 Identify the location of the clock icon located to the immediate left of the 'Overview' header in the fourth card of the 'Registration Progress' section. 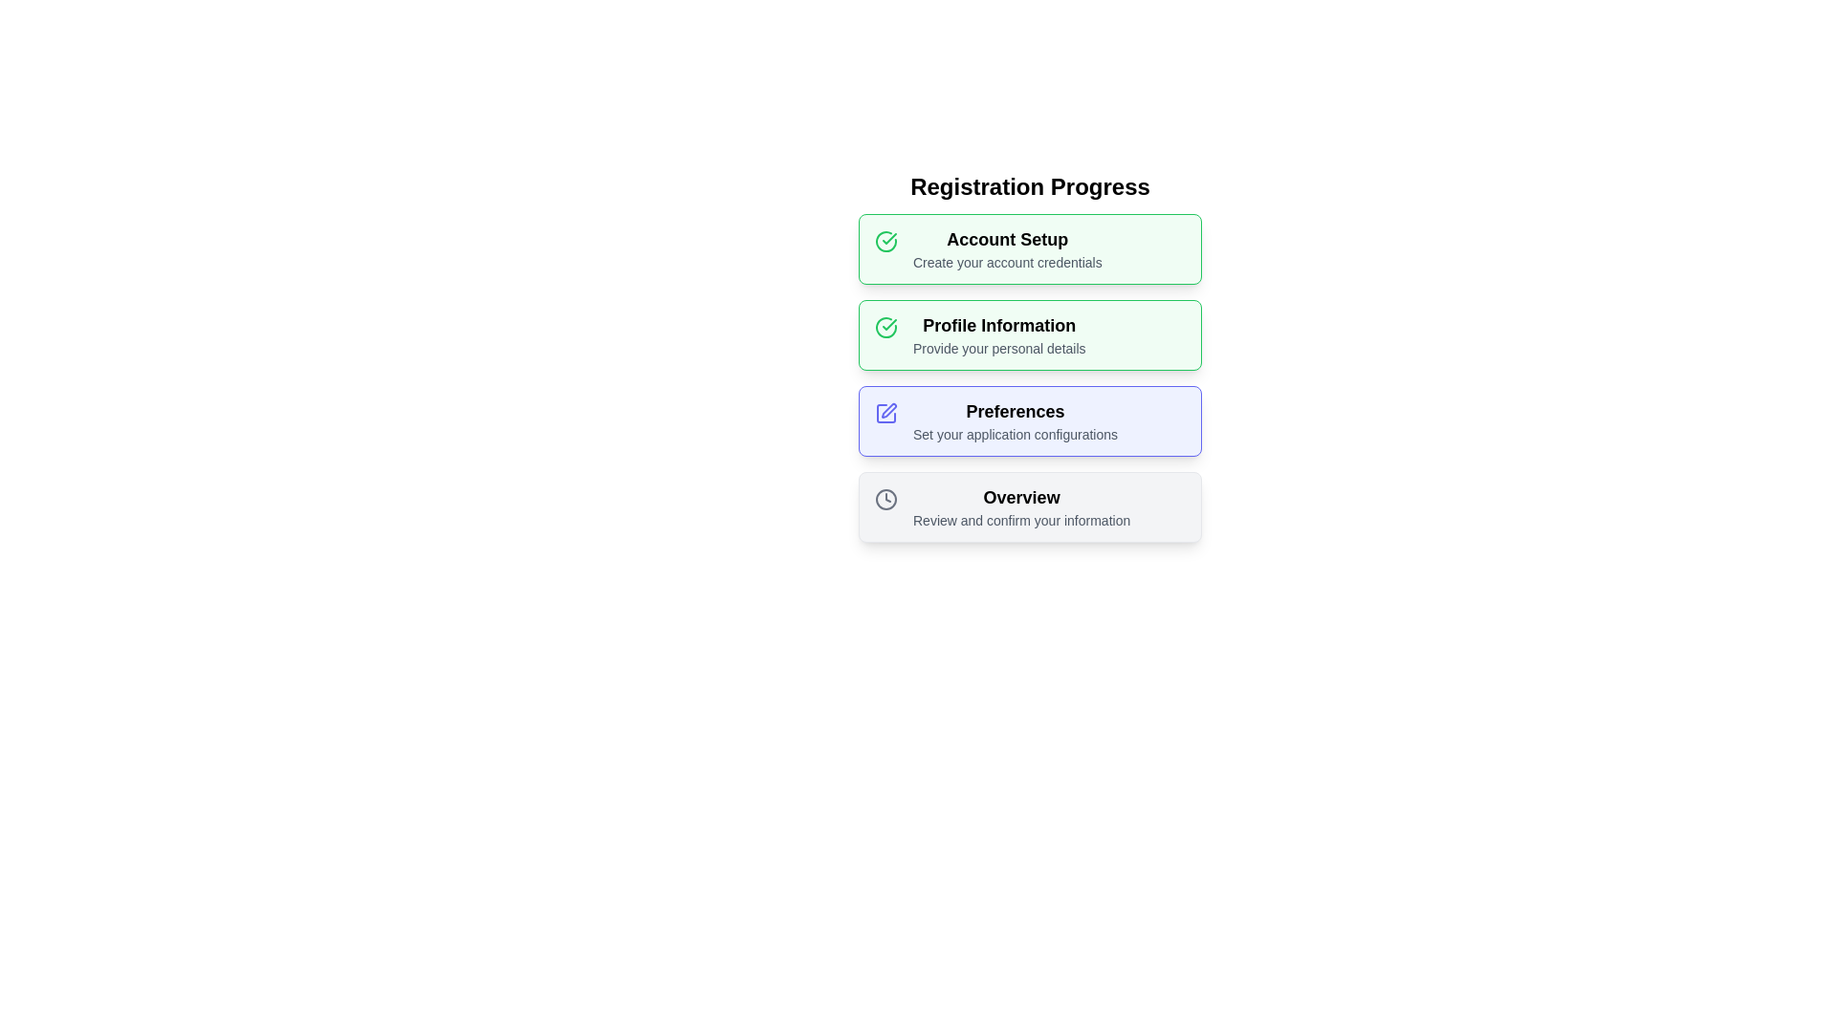
(885, 496).